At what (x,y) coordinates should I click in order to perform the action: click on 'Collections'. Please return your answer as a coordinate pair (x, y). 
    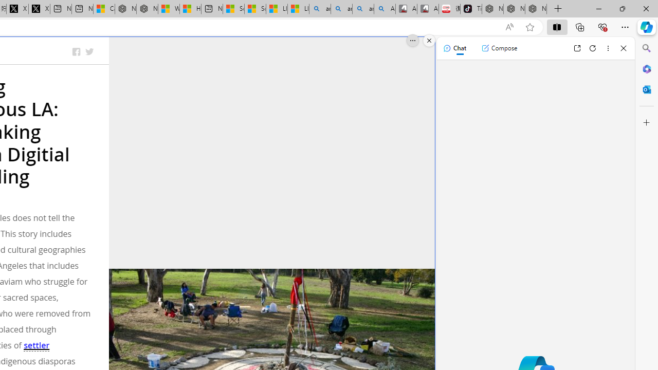
    Looking at the image, I should click on (580, 26).